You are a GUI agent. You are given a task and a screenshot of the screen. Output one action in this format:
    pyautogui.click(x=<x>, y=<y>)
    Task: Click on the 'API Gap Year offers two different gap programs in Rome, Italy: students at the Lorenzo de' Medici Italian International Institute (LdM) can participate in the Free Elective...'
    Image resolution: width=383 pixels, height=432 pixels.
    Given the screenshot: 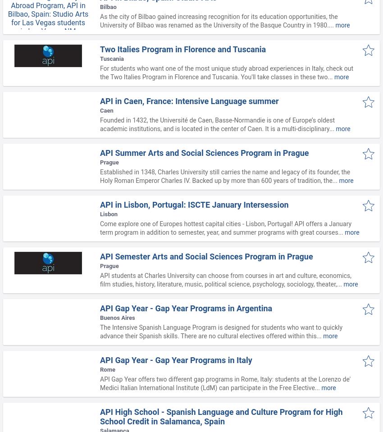 What is the action you would take?
    pyautogui.click(x=225, y=383)
    